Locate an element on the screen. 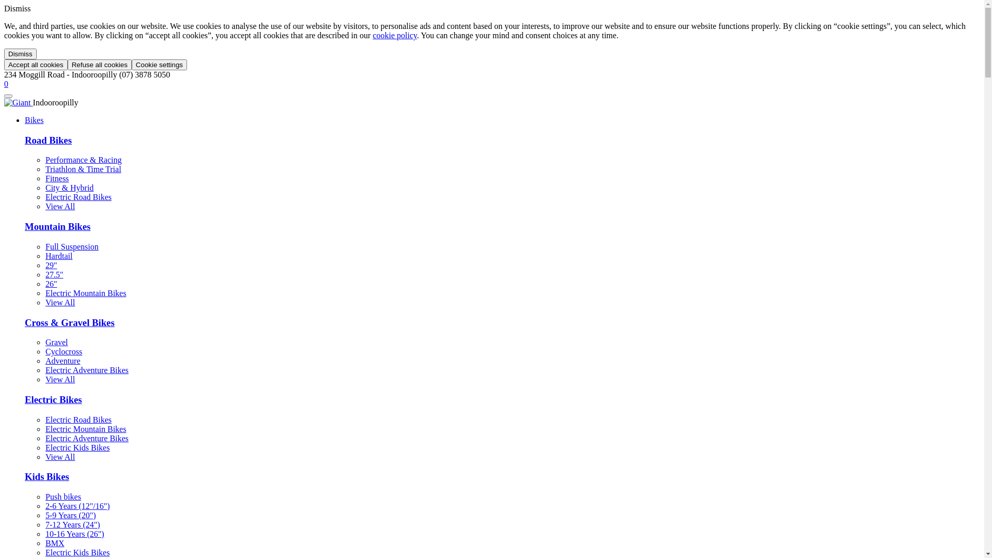 The height and width of the screenshot is (558, 992). 'Electric Adventure Bikes' is located at coordinates (87, 369).